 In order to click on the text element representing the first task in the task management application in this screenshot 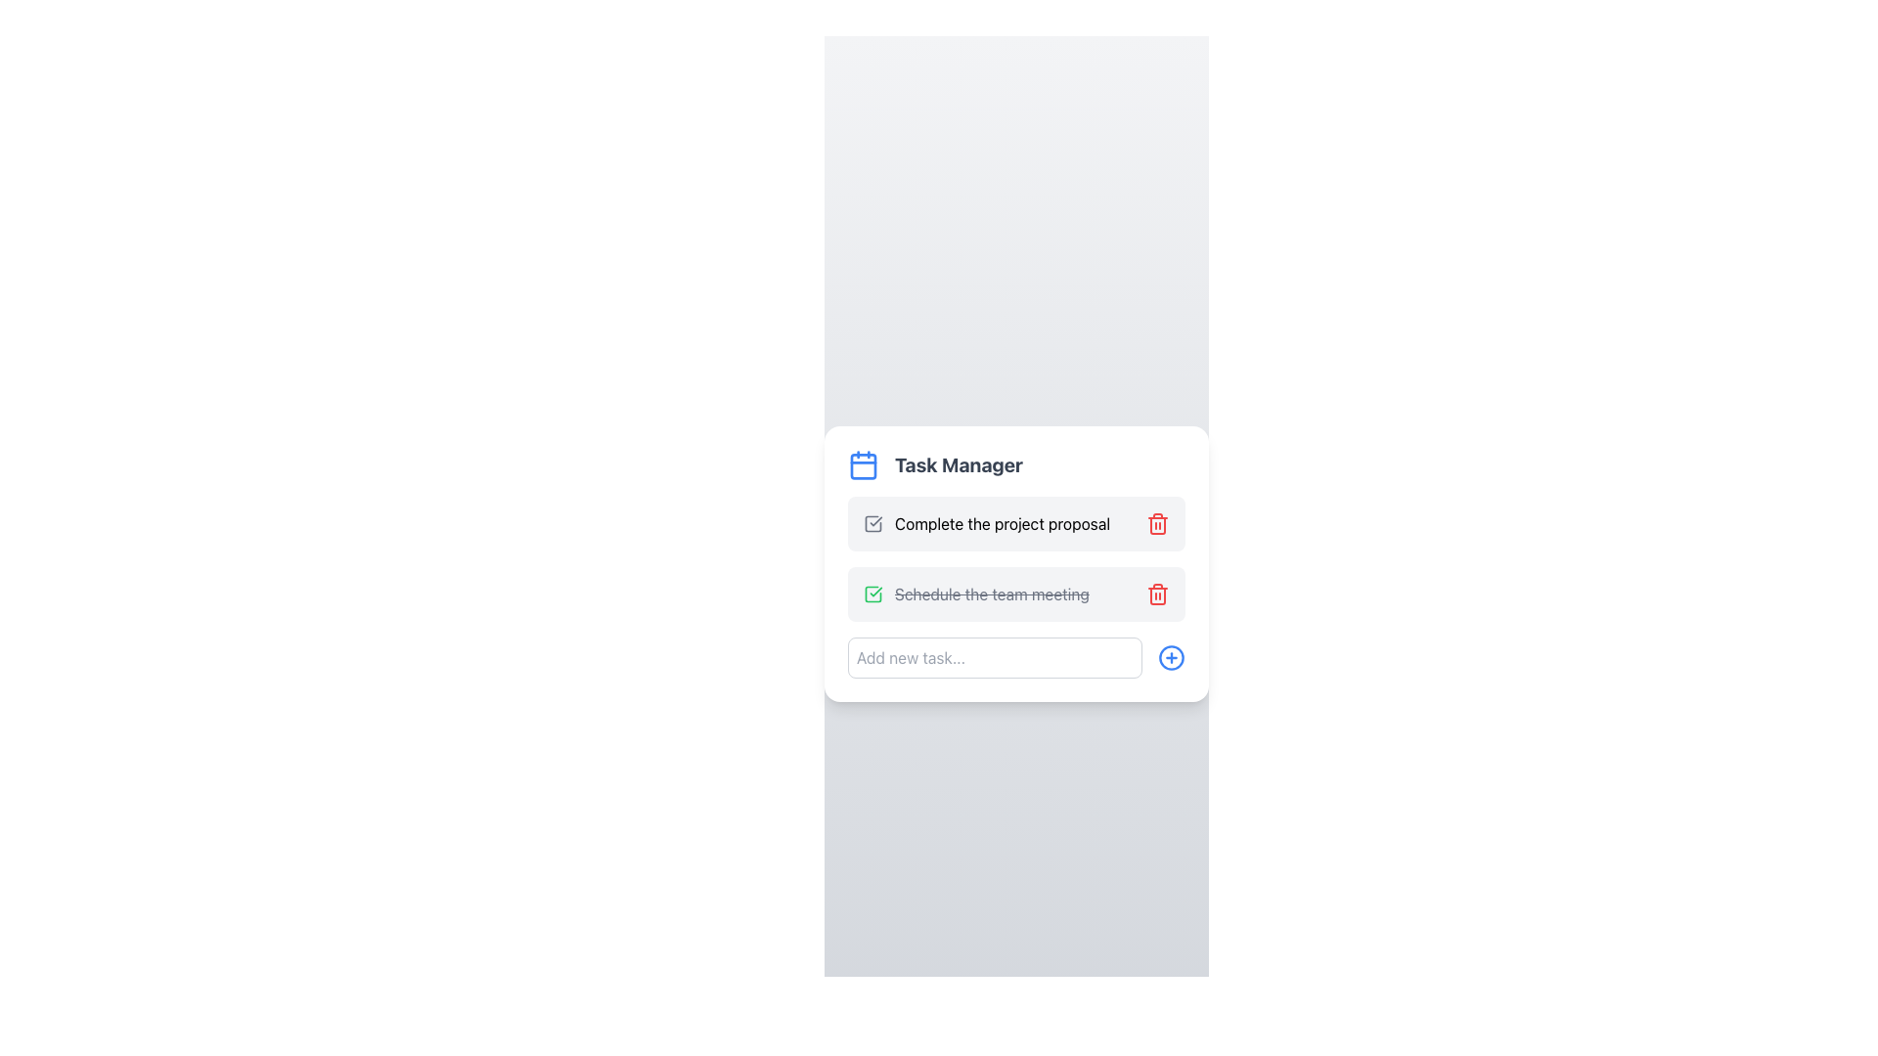, I will do `click(986, 523)`.